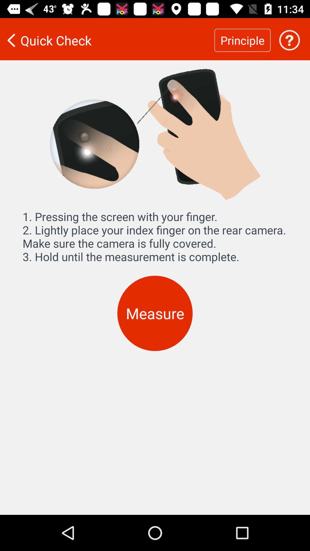 This screenshot has height=551, width=310. I want to click on the measure, so click(155, 313).